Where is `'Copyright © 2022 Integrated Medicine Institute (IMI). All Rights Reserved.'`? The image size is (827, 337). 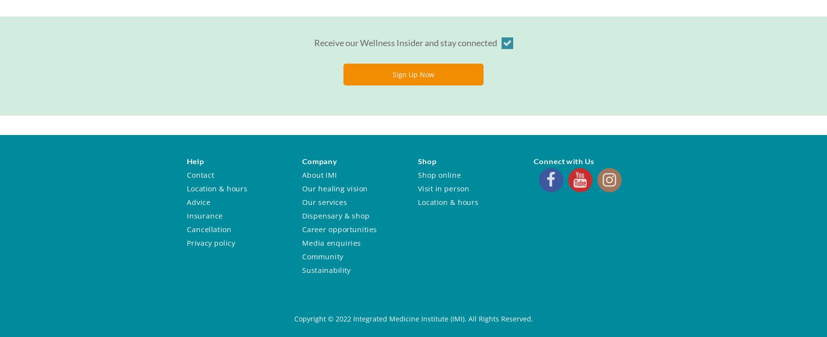
'Copyright © 2022 Integrated Medicine Institute (IMI). All Rights Reserved.' is located at coordinates (413, 318).